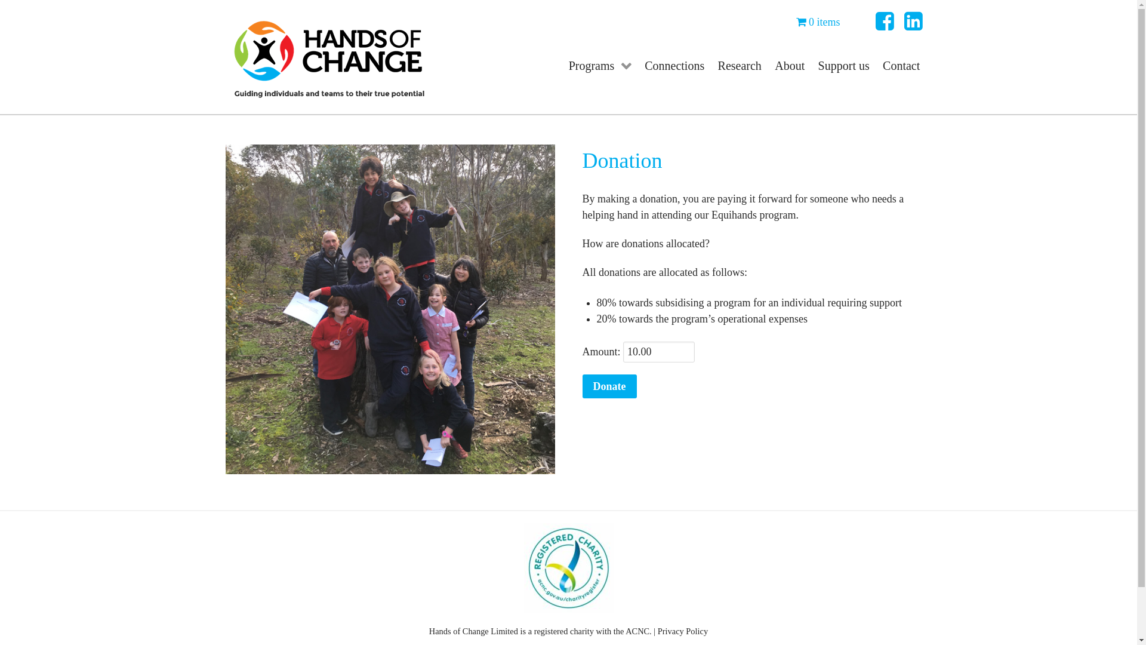 The height and width of the screenshot is (645, 1146). What do you see at coordinates (637, 64) in the screenshot?
I see `'Connections'` at bounding box center [637, 64].